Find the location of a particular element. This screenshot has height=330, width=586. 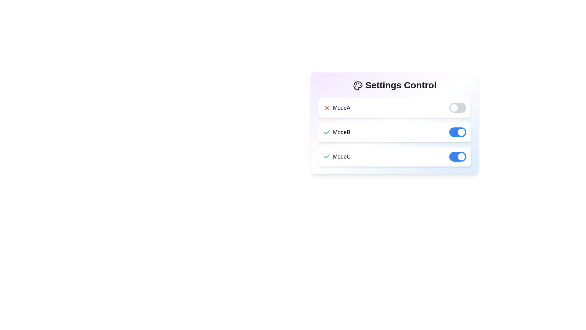

the toggle indicator located at the right end of the toggle switch in the 'ModeC' settings is located at coordinates (461, 156).